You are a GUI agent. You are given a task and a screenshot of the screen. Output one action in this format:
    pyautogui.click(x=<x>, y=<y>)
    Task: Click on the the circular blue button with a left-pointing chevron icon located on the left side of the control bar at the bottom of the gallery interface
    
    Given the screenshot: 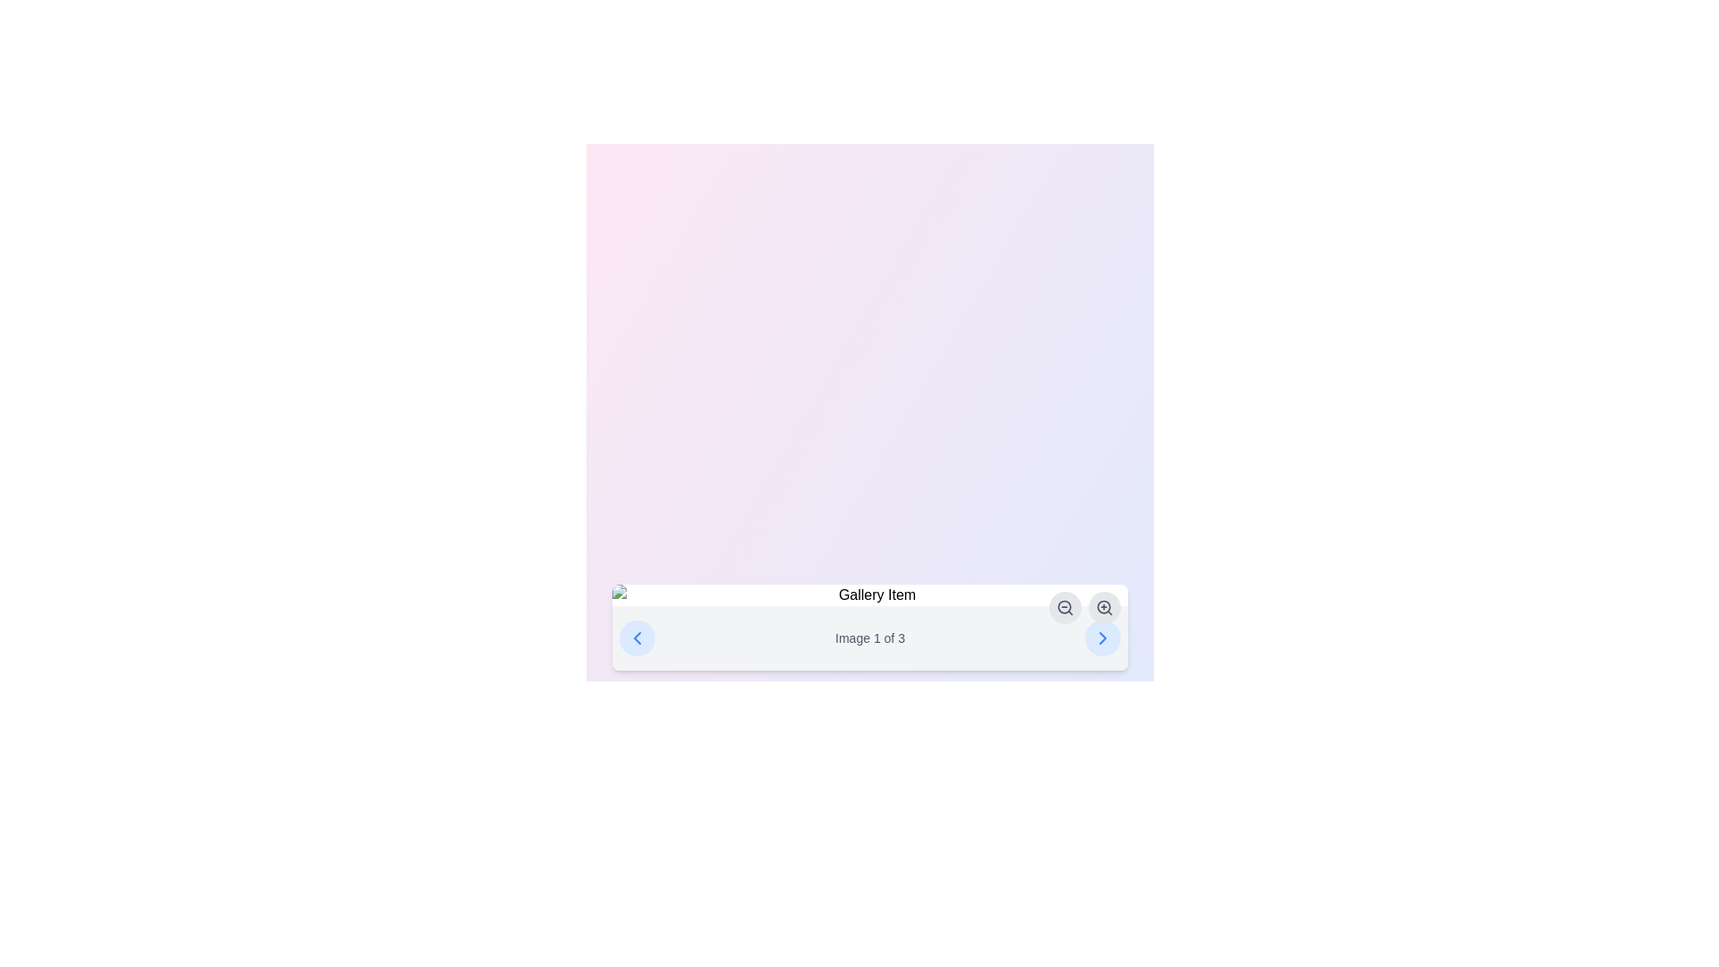 What is the action you would take?
    pyautogui.click(x=637, y=638)
    